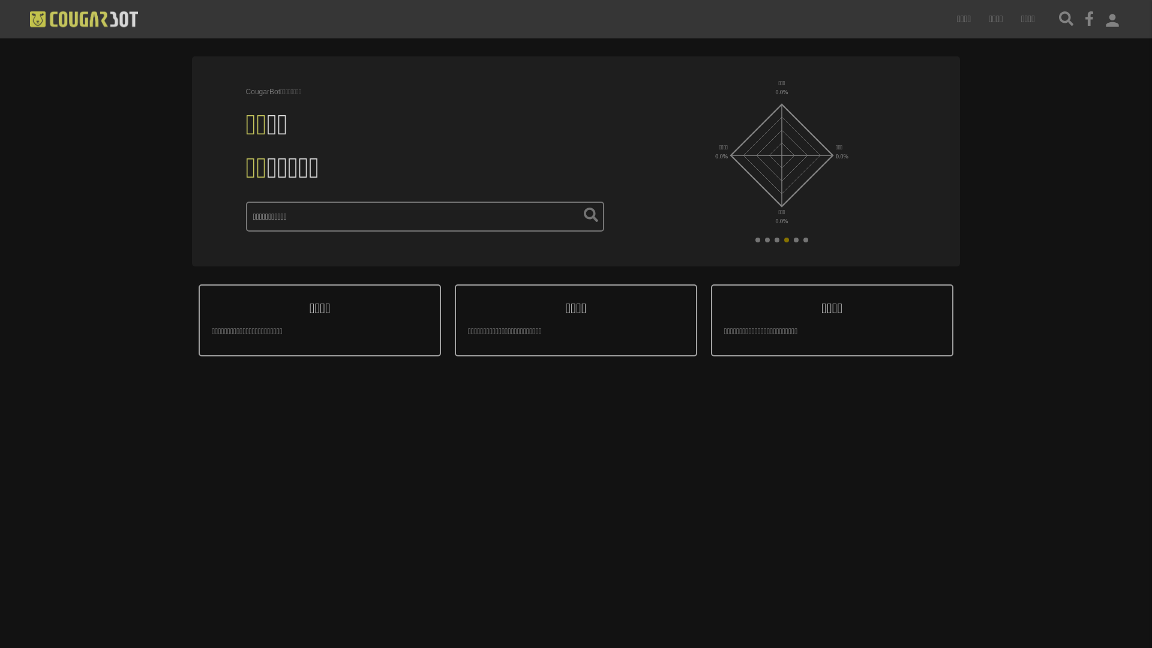  What do you see at coordinates (1111, 19) in the screenshot?
I see `'person'` at bounding box center [1111, 19].